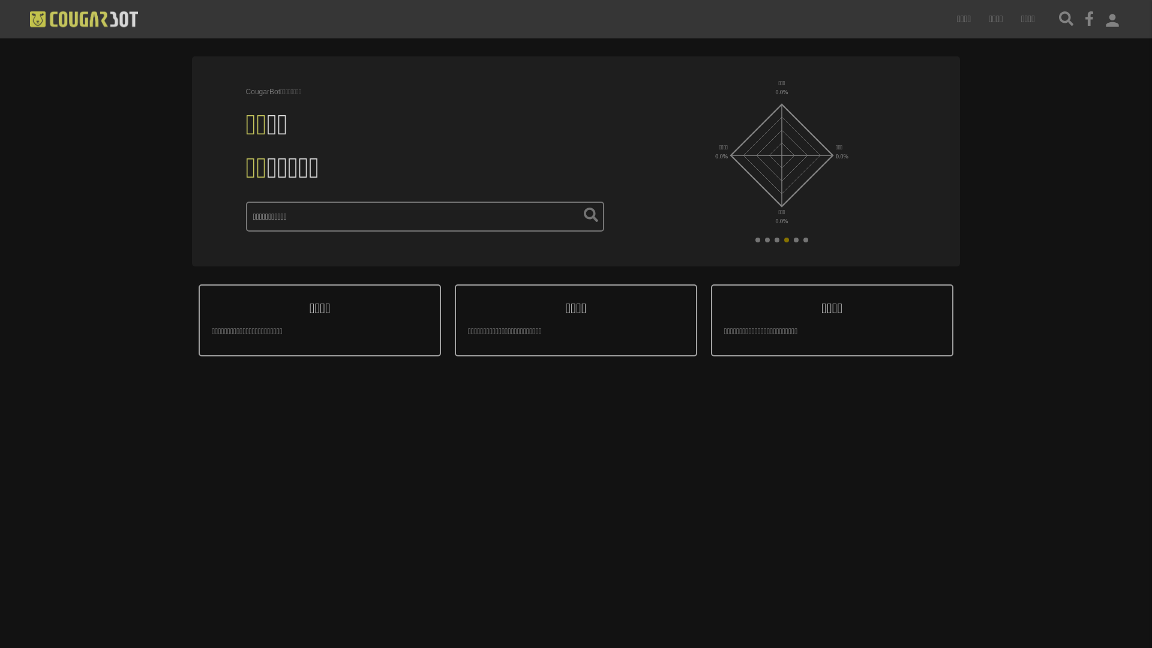  What do you see at coordinates (1111, 19) in the screenshot?
I see `'person'` at bounding box center [1111, 19].